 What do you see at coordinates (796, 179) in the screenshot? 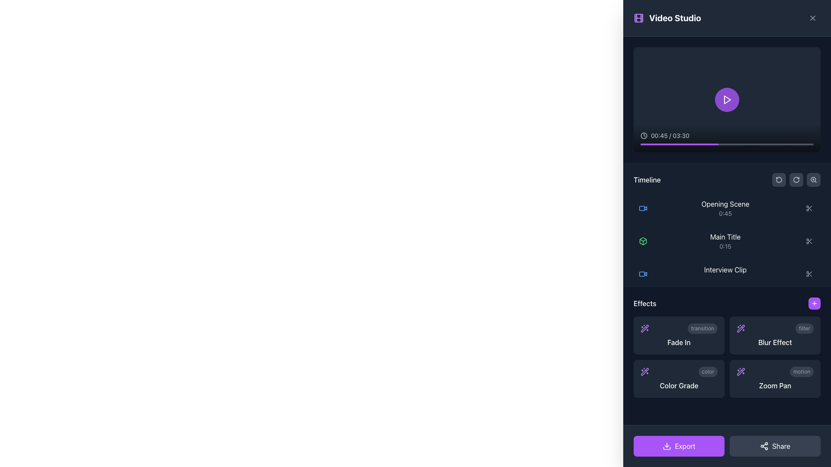
I see `the button with a dark background and a clockwise circular arrow icon located in the top-right section of the timeline area` at bounding box center [796, 179].